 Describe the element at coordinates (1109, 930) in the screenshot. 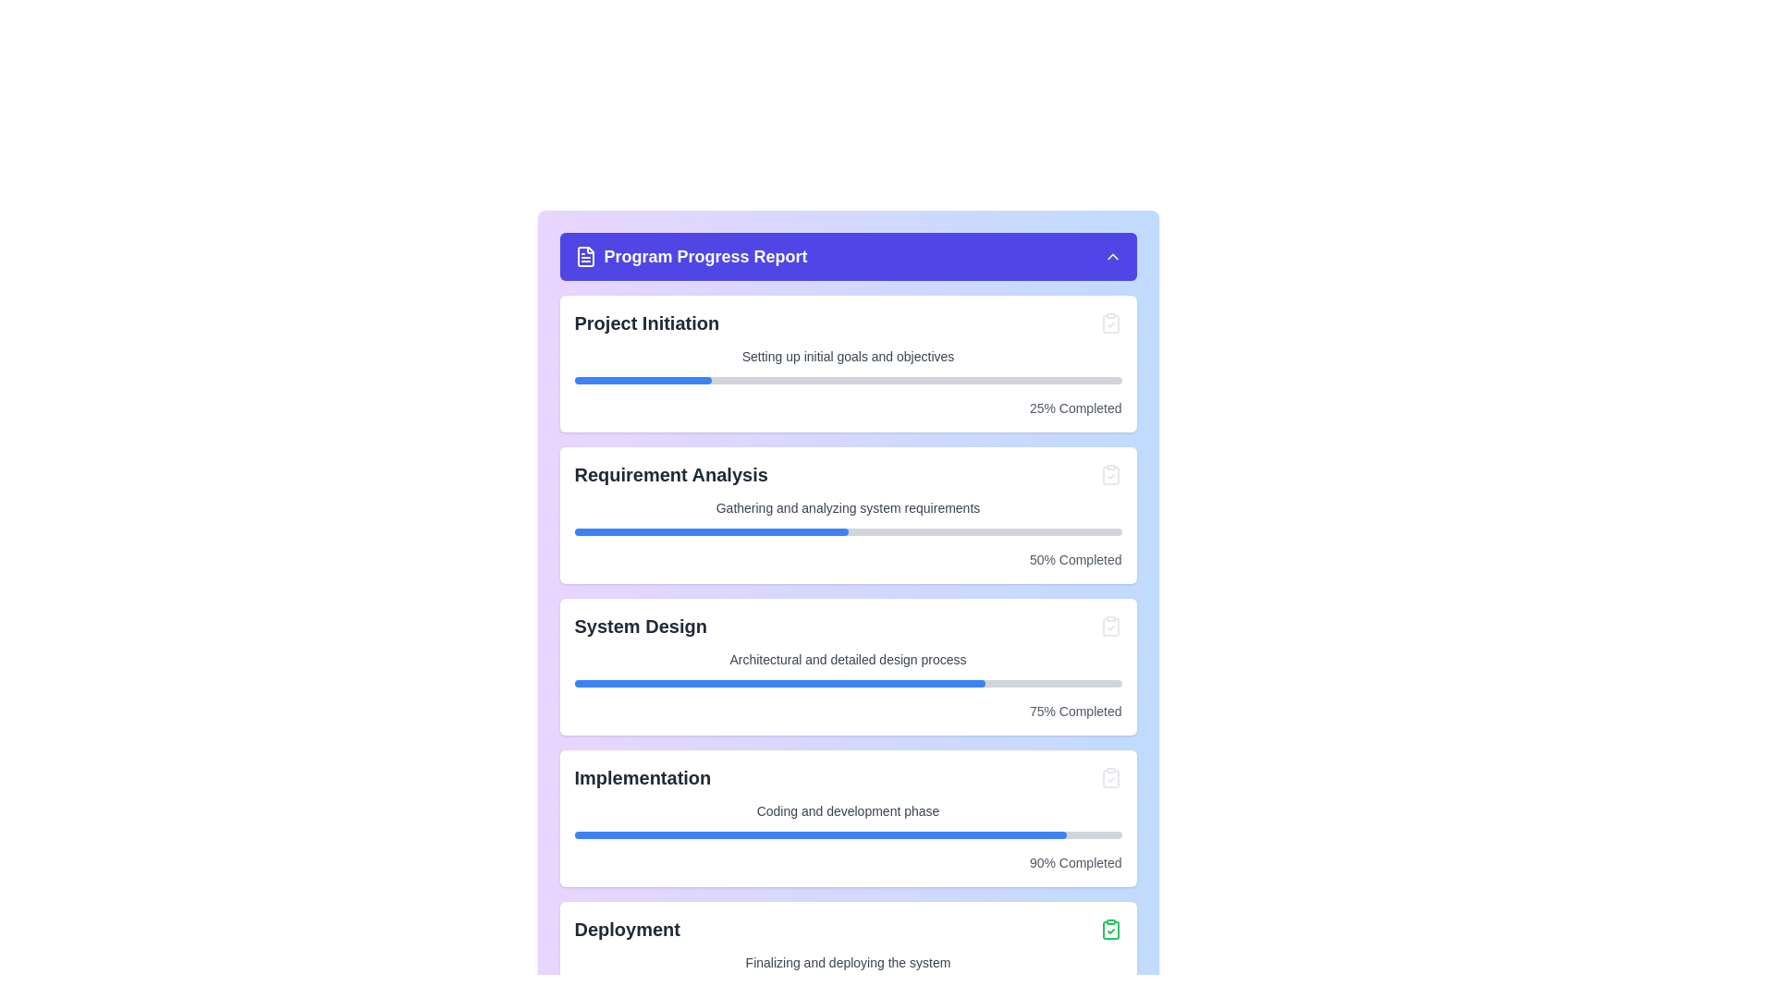

I see `the small green clipboard icon with a checkmark located at the far right of the 'Deployment' section for more details or actions` at that location.